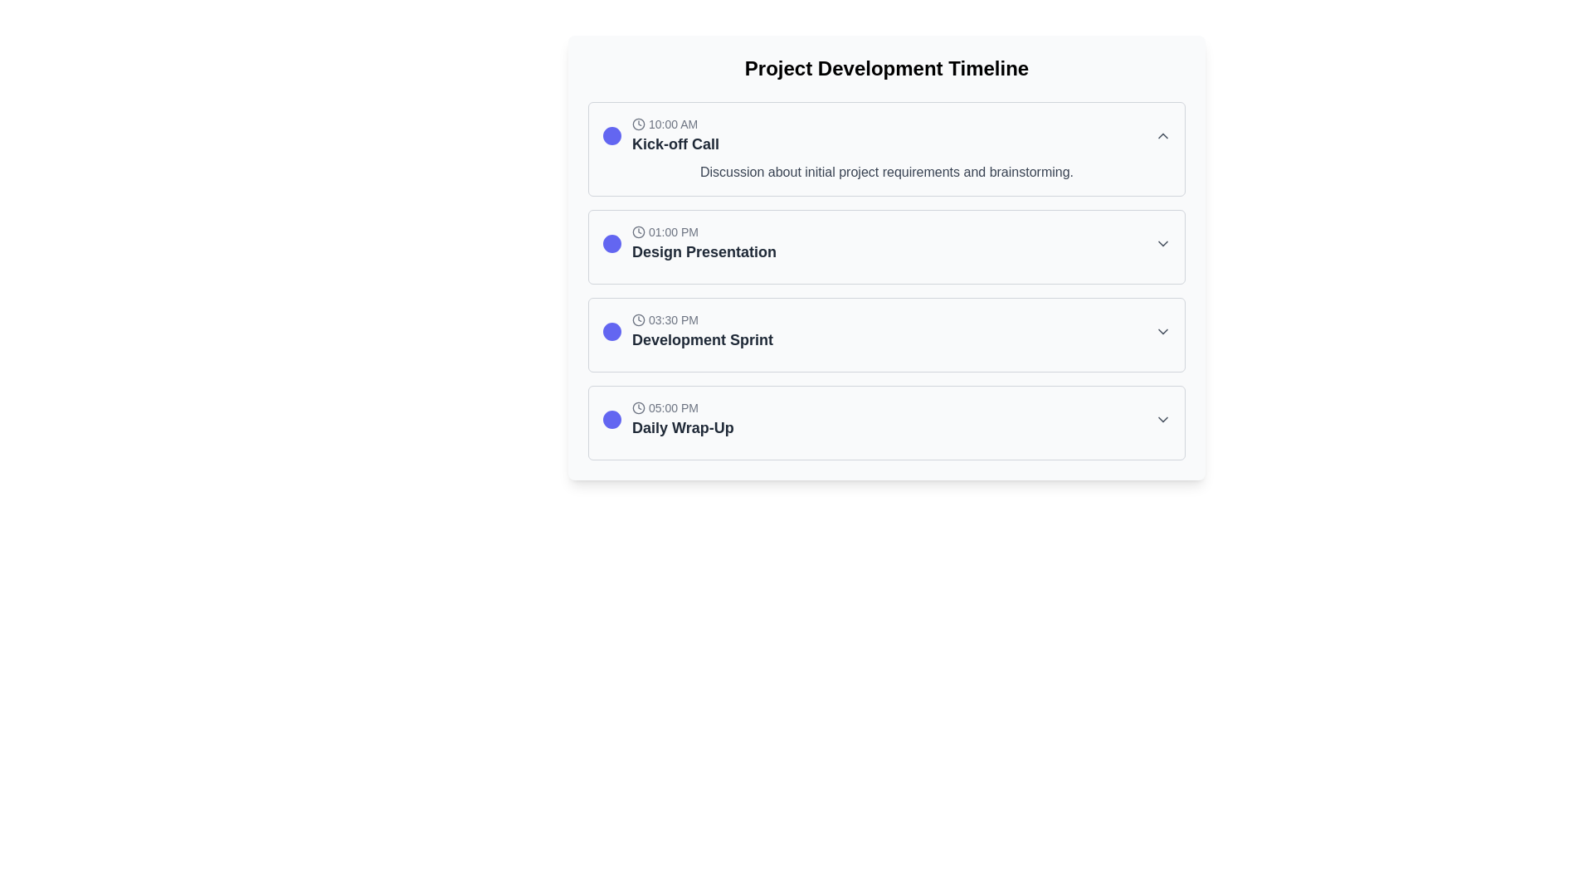 The image size is (1593, 896). What do you see at coordinates (886, 421) in the screenshot?
I see `the fourth Collapsible List Item under the 'Project Development Timeline'` at bounding box center [886, 421].